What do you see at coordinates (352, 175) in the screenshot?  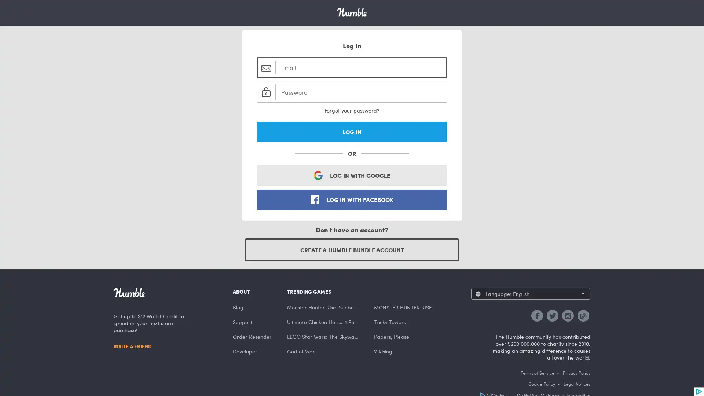 I see `LOG IN WITH GOOGLE` at bounding box center [352, 175].